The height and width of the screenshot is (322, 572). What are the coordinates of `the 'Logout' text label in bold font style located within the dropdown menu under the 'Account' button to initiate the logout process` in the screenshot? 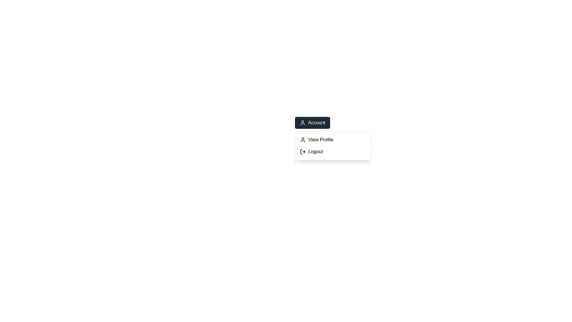 It's located at (315, 151).